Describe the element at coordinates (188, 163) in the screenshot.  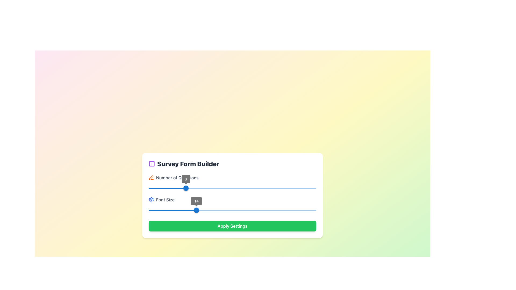
I see `bold text label displaying 'Survey Form Builder' located at the center of the card-like section near the top, distinct due to its size and weight` at that location.